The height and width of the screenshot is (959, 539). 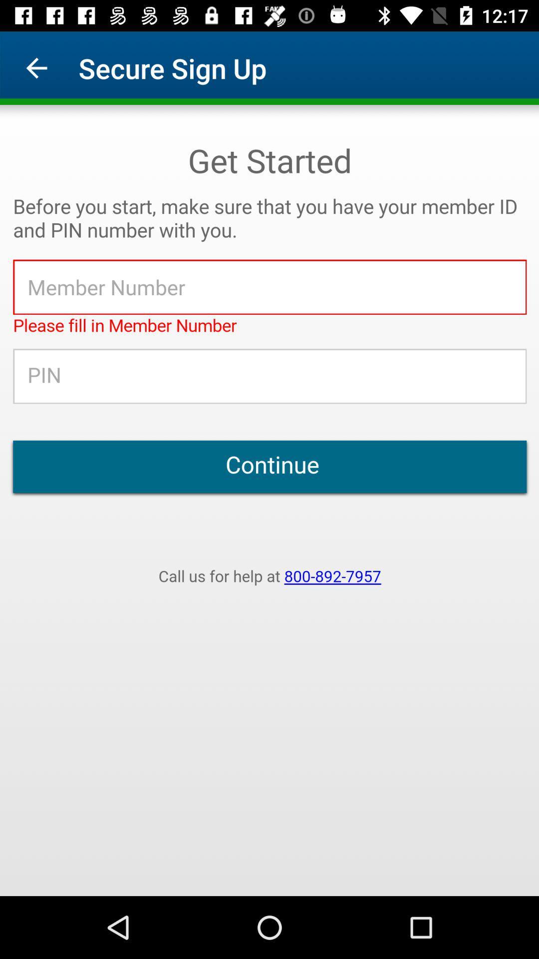 I want to click on item next to the secure sign up icon, so click(x=36, y=67).